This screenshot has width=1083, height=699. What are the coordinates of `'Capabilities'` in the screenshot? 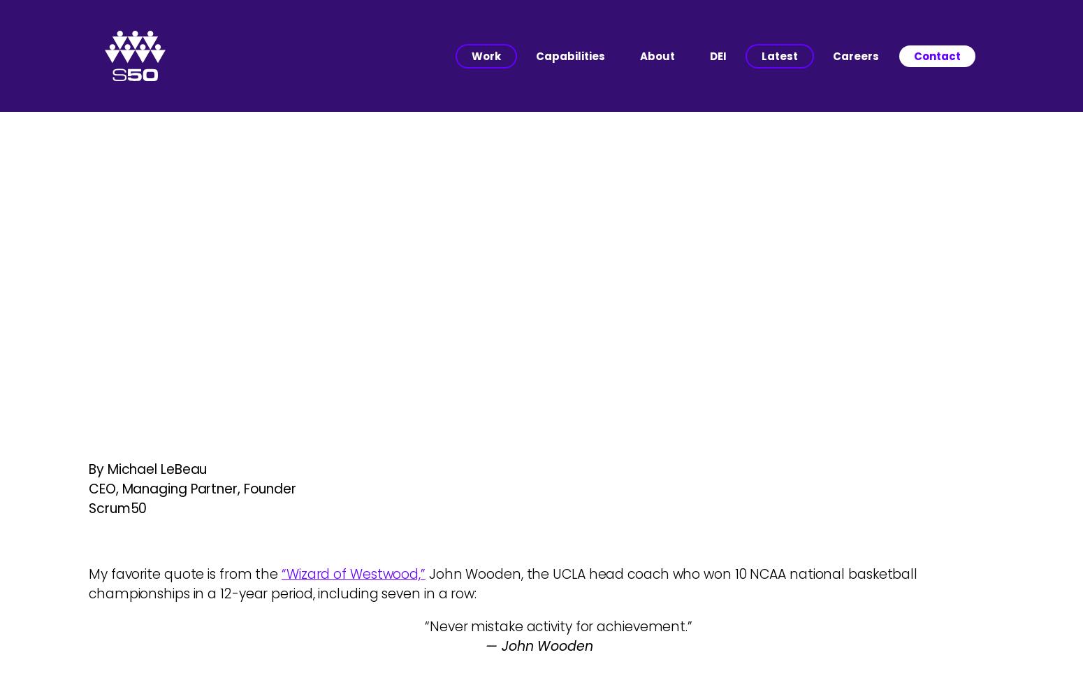 It's located at (569, 55).